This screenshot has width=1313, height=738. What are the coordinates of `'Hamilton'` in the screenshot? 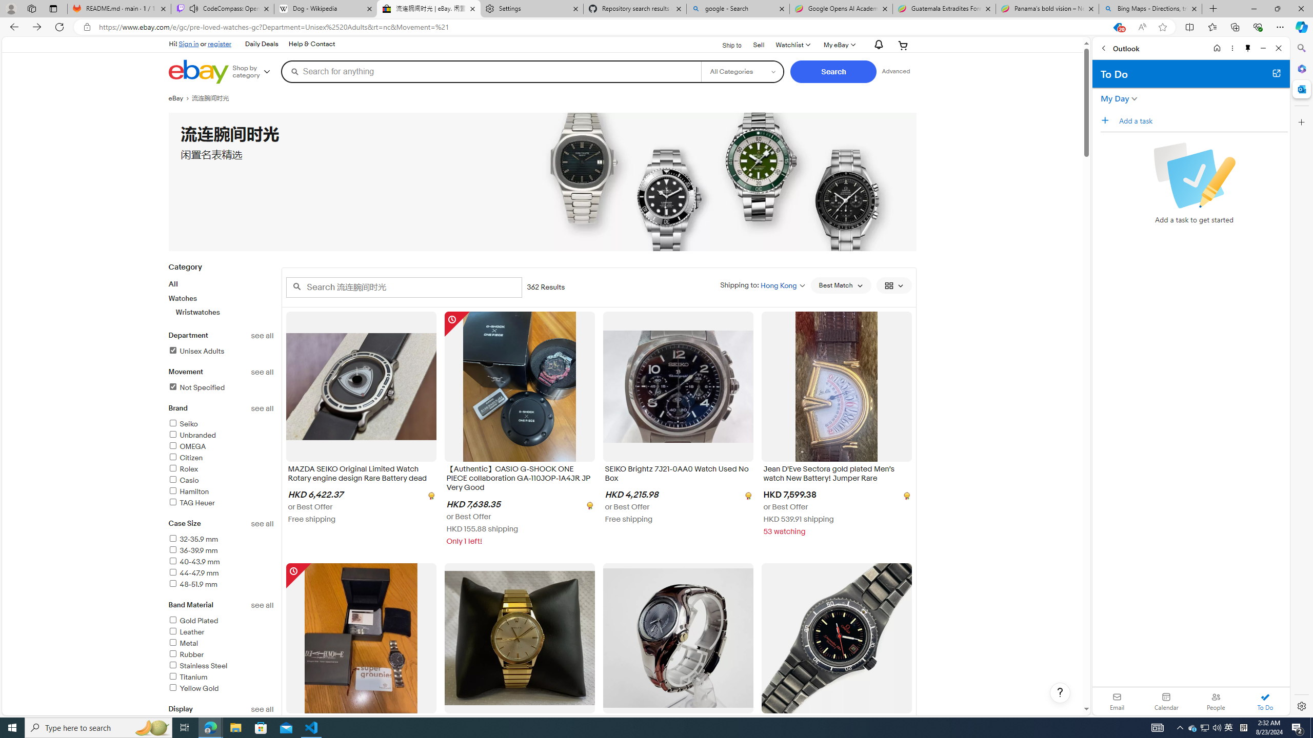 It's located at (188, 491).